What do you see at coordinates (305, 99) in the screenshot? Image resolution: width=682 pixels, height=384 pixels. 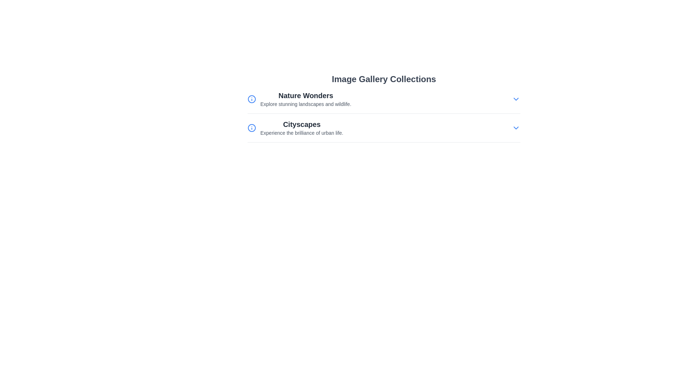 I see `text block labeled 'Nature Wonders' which contains a header in bold dark gray and a subtitle in light gray, located beneath the 'Image Gallery Collections' header` at bounding box center [305, 99].